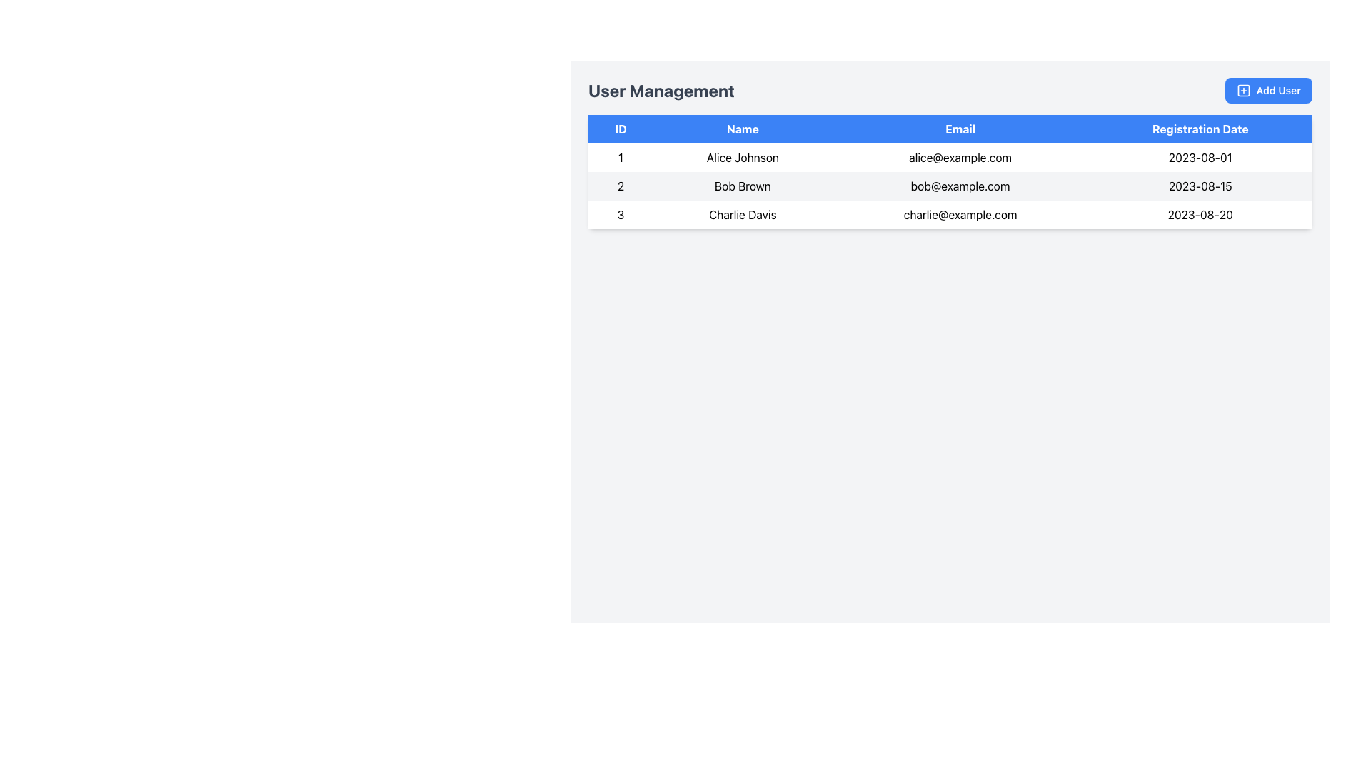 The image size is (1371, 771). Describe the element at coordinates (743, 186) in the screenshot. I see `the Text label displaying the name 'Bob Brown' located in the second row, second column of the table under the 'Name' header` at that location.